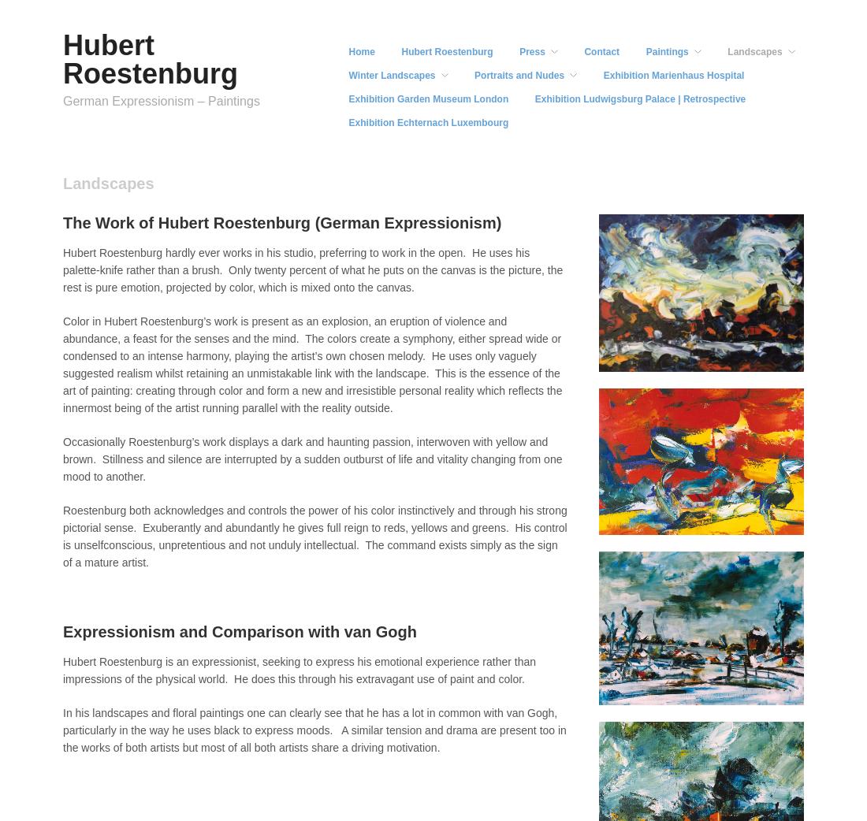 The height and width of the screenshot is (821, 867). Describe the element at coordinates (754, 50) in the screenshot. I see `'Landscapes'` at that location.